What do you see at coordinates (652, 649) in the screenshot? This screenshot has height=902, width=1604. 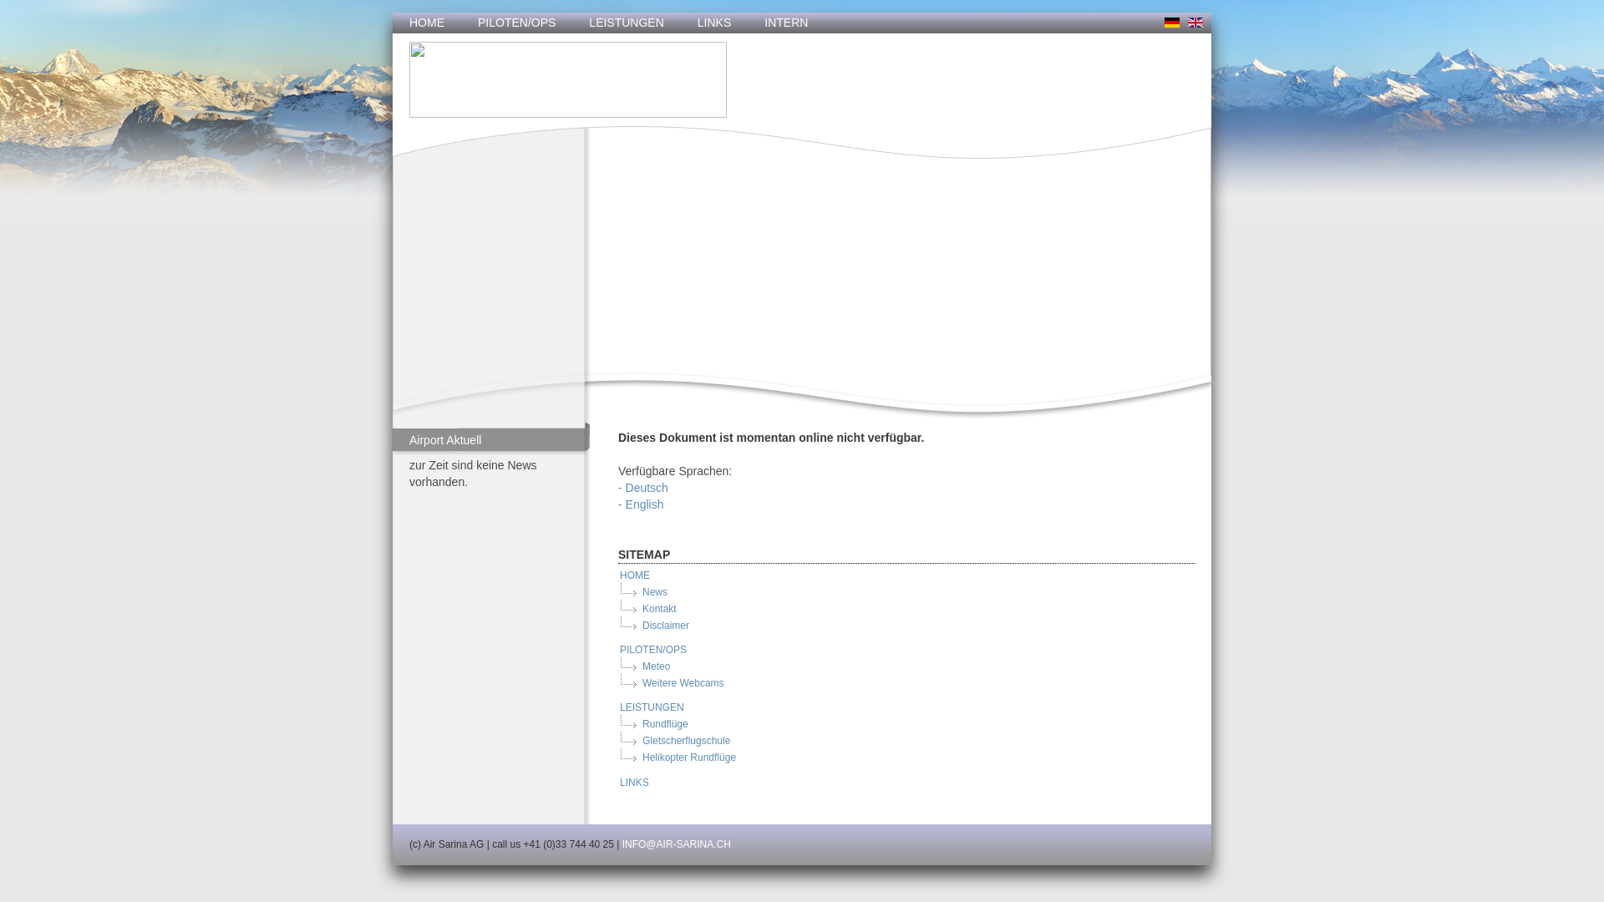 I see `'PILOTEN/OPS'` at bounding box center [652, 649].